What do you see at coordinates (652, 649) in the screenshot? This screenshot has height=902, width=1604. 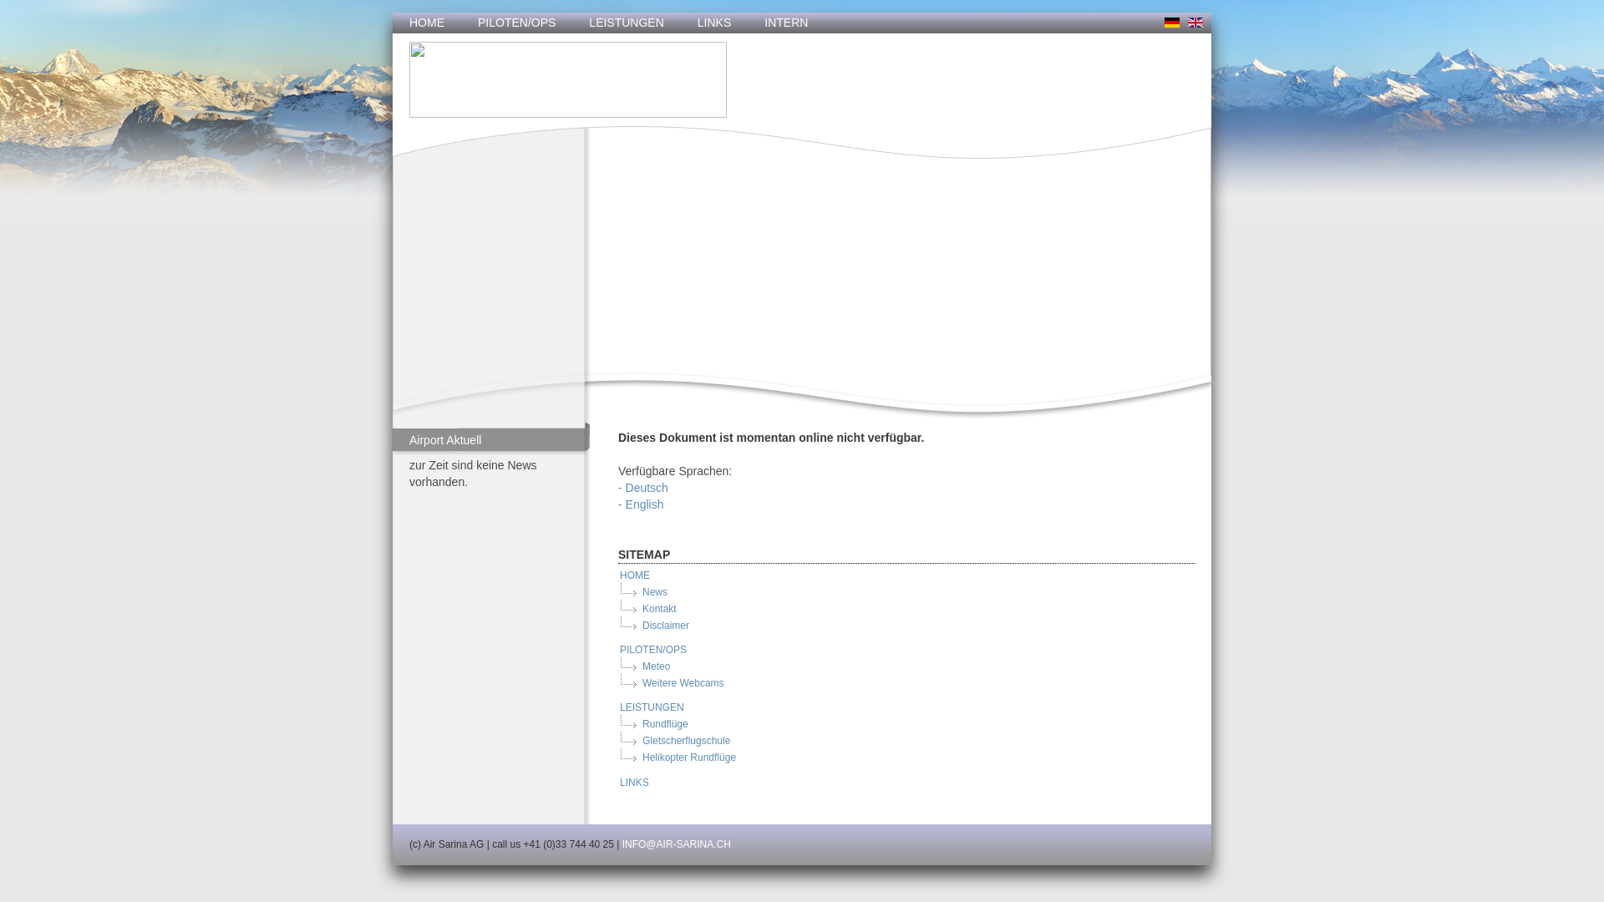 I see `'PILOTEN/OPS'` at bounding box center [652, 649].